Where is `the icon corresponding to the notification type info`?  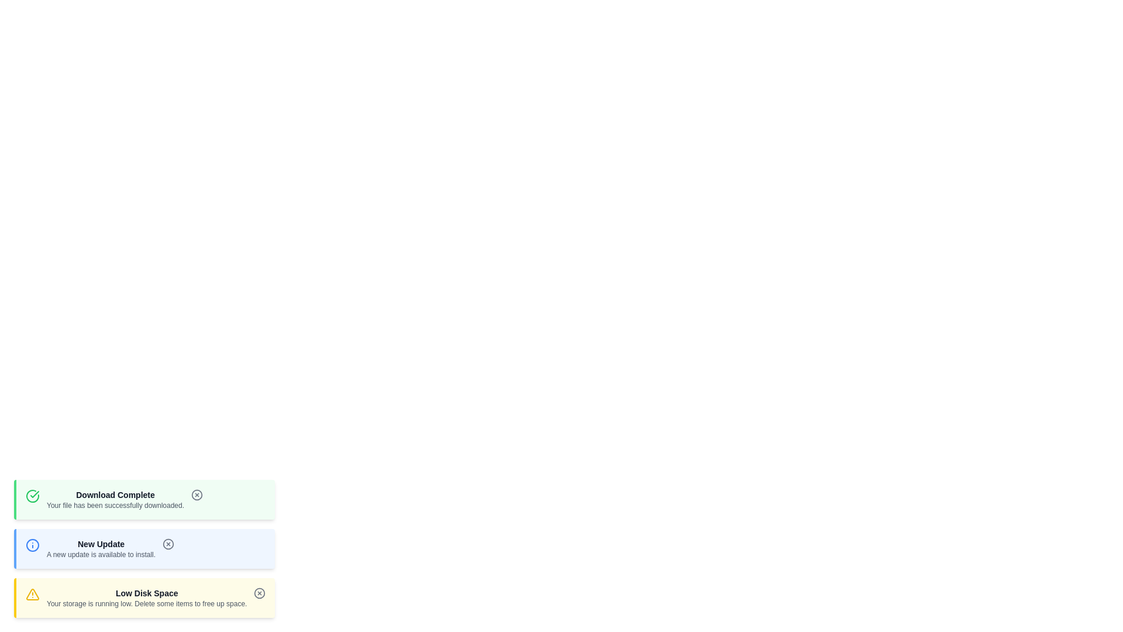 the icon corresponding to the notification type info is located at coordinates (33, 545).